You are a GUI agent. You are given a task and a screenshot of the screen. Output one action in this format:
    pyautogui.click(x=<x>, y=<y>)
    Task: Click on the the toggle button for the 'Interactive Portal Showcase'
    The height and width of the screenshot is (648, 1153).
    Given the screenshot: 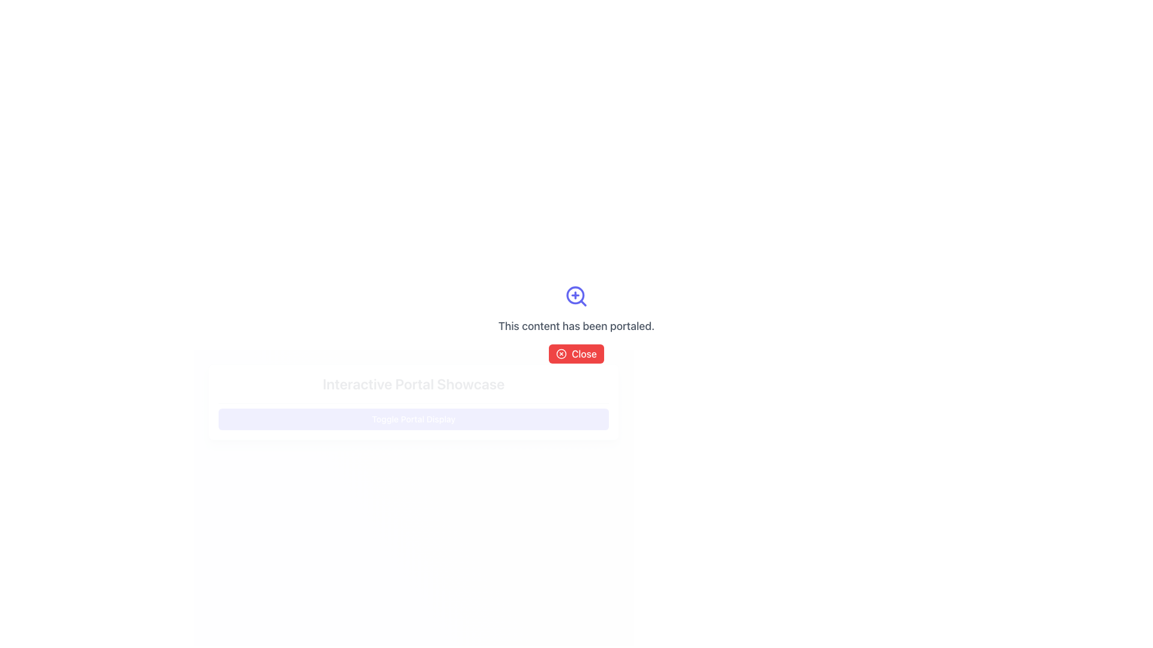 What is the action you would take?
    pyautogui.click(x=414, y=418)
    